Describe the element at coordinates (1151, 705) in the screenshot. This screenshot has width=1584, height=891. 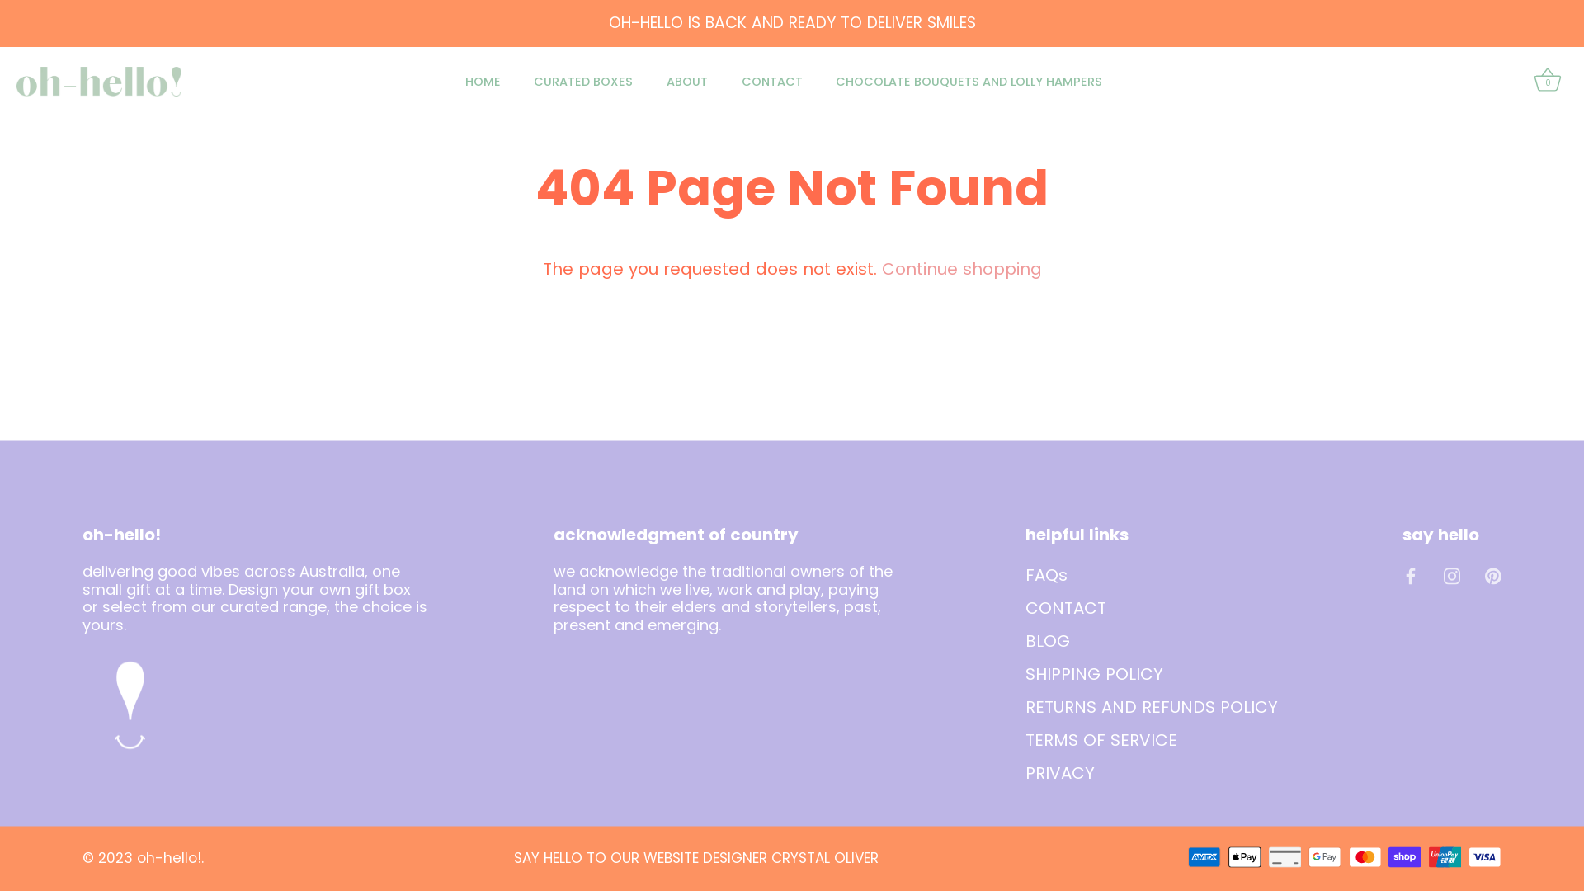
I see `'RETURNS AND REFUNDS POLICY'` at that location.